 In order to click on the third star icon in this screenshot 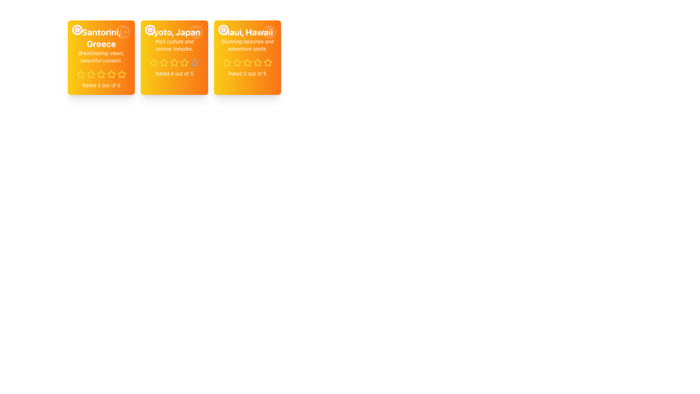, I will do `click(257, 62)`.